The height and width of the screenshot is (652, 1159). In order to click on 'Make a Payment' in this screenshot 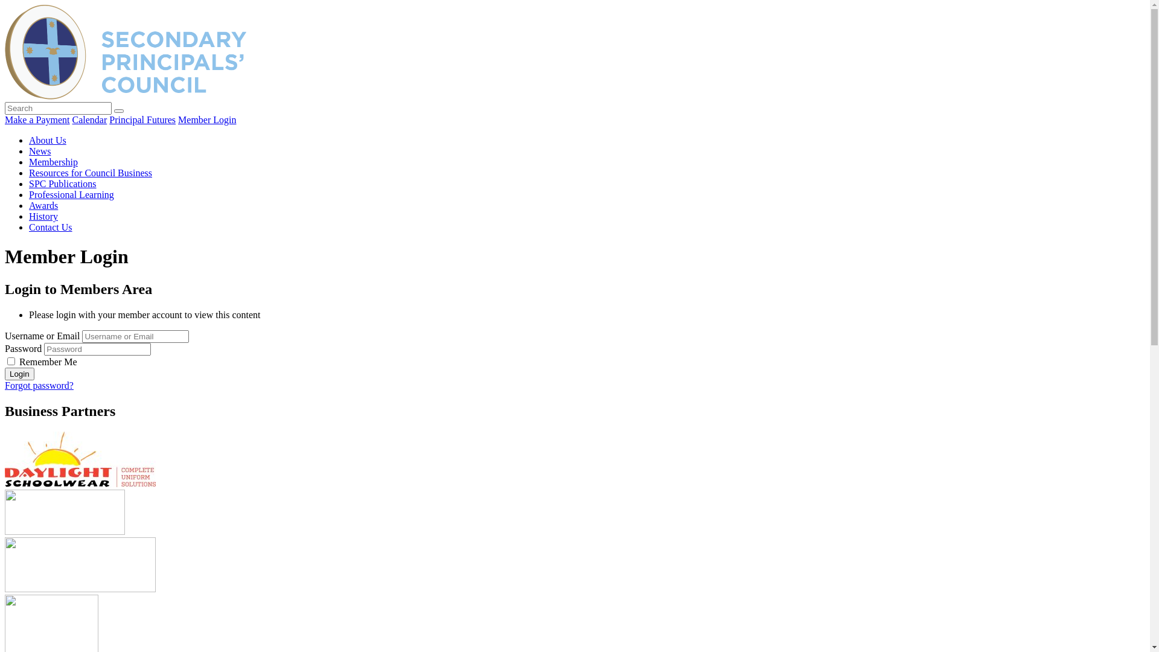, I will do `click(37, 120)`.